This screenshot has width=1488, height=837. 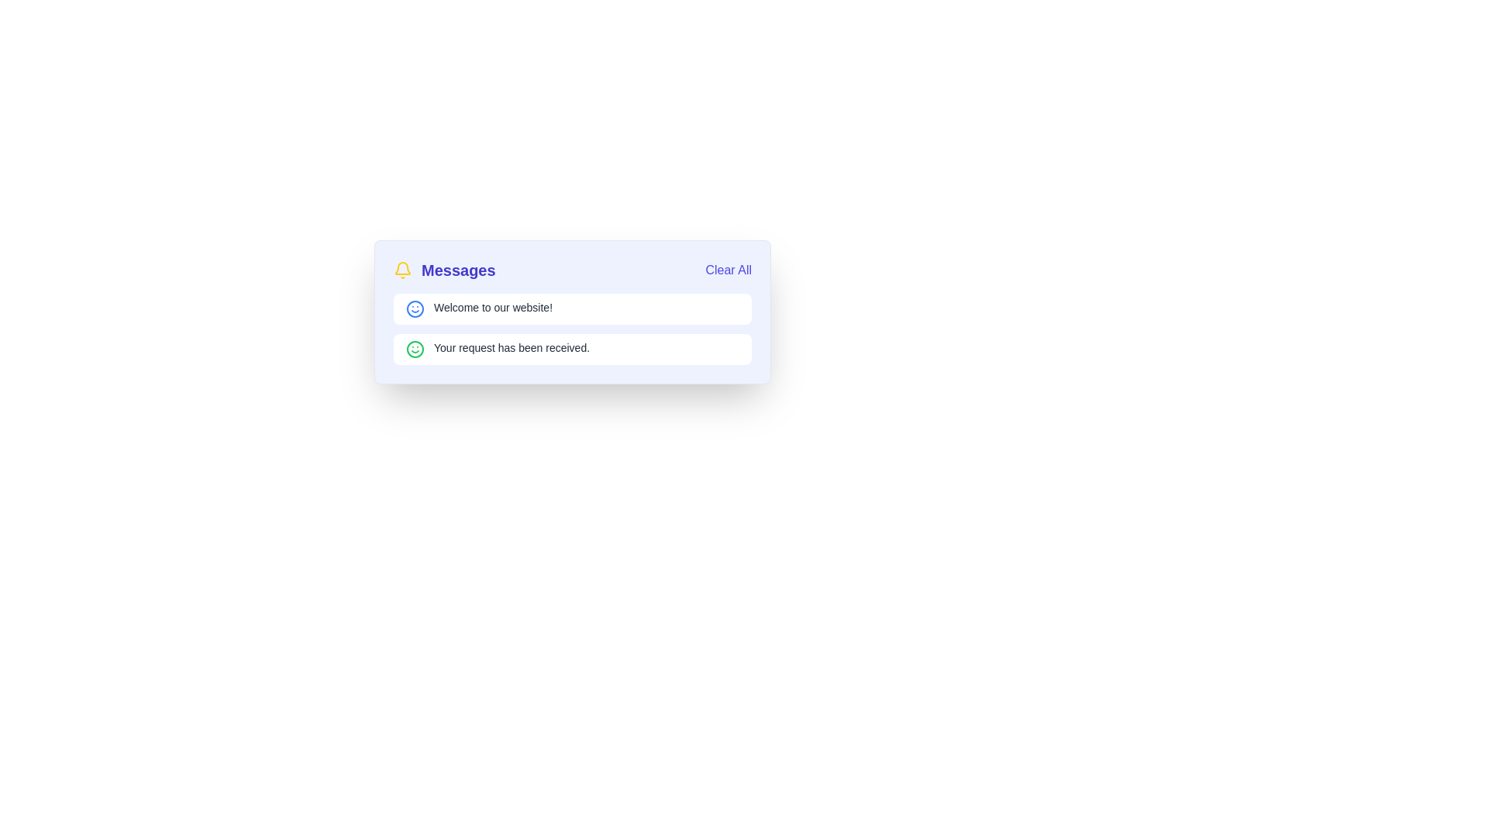 I want to click on the notification message that displays 'Your request has been received.', so click(x=572, y=350).